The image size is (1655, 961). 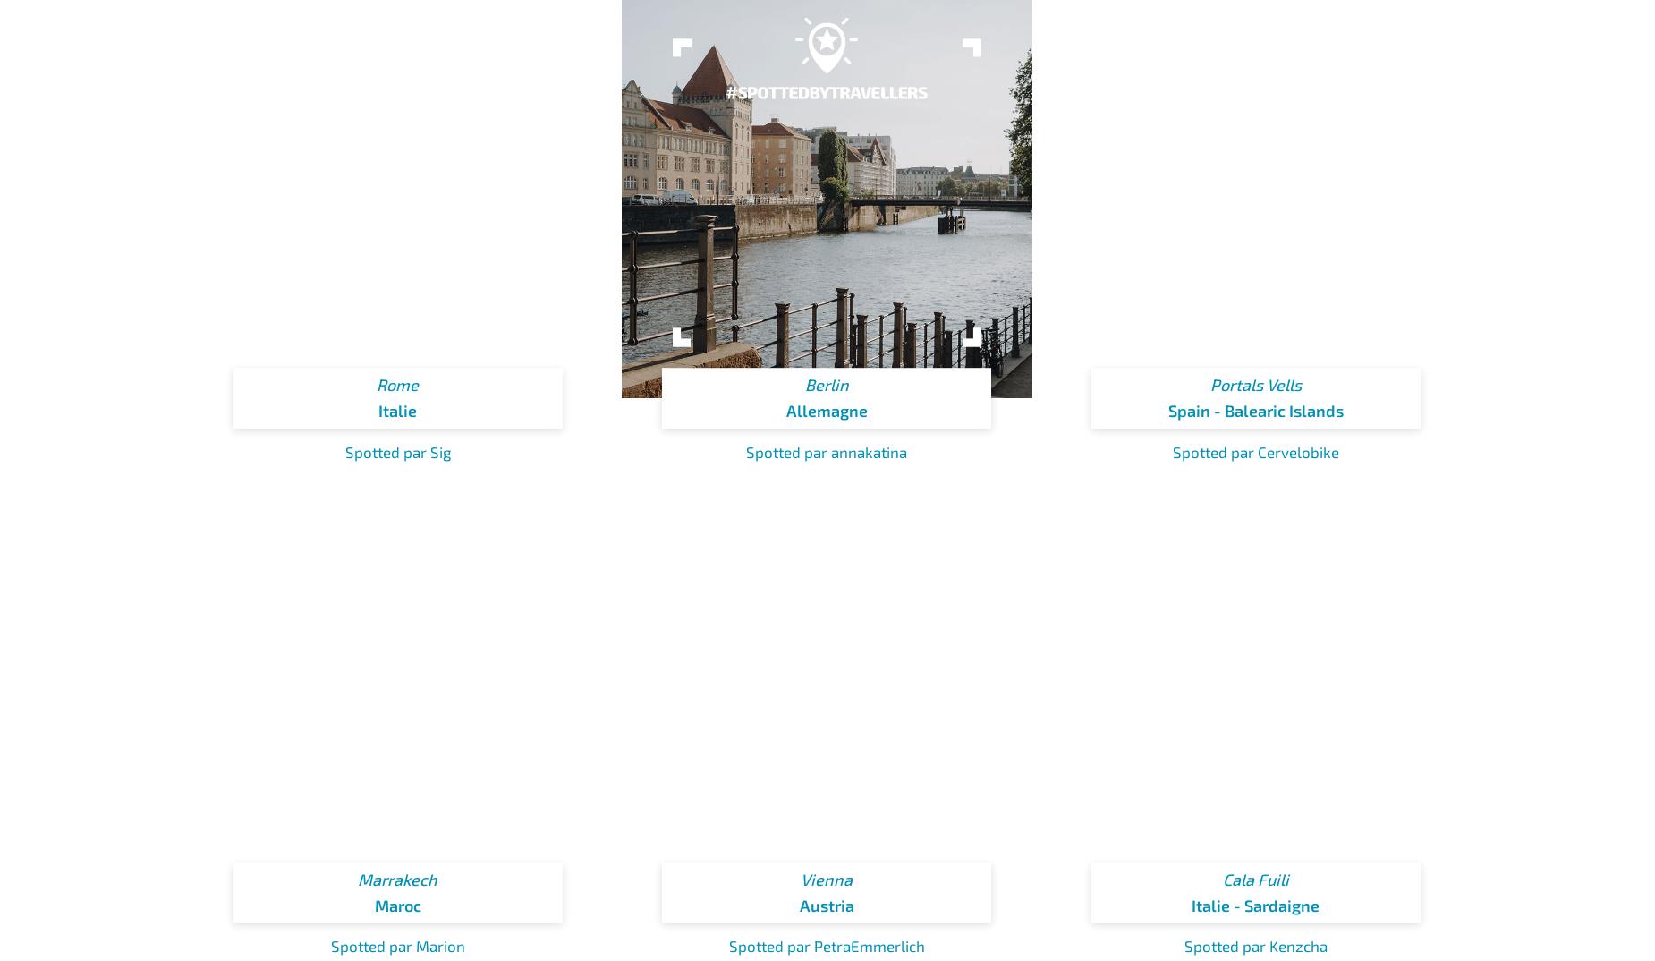 What do you see at coordinates (356, 879) in the screenshot?
I see `'Marrakech'` at bounding box center [356, 879].